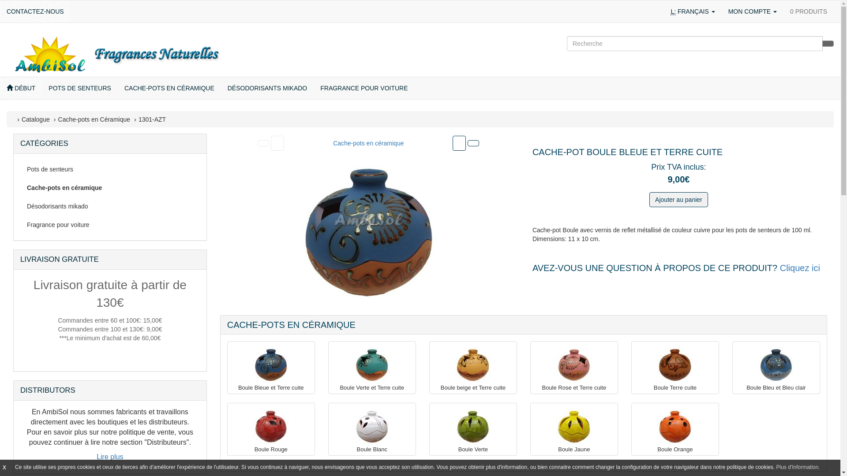 This screenshot has height=476, width=847. I want to click on 'Boule Jaune', so click(574, 449).